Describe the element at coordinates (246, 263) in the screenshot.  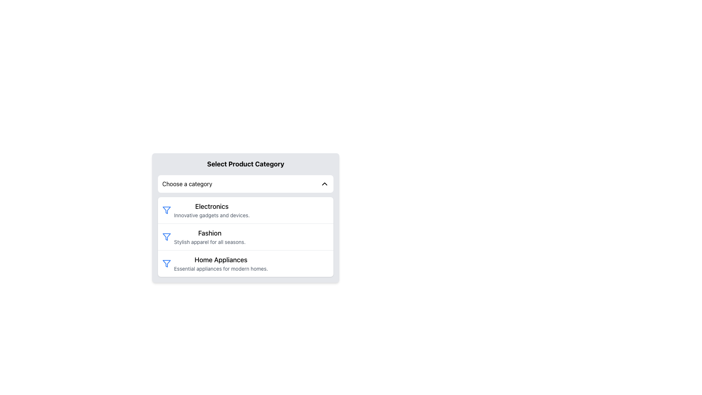
I see `the third item in the 'Select Product Category' list for highlighting, which is positioned below 'Electronics' and 'Fashion'` at that location.